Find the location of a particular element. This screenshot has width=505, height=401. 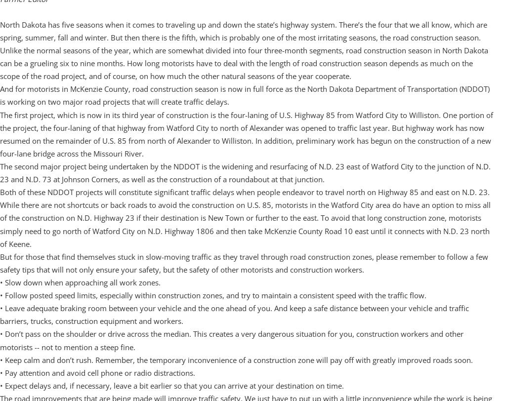

'701-842-2351' is located at coordinates (53, 23).